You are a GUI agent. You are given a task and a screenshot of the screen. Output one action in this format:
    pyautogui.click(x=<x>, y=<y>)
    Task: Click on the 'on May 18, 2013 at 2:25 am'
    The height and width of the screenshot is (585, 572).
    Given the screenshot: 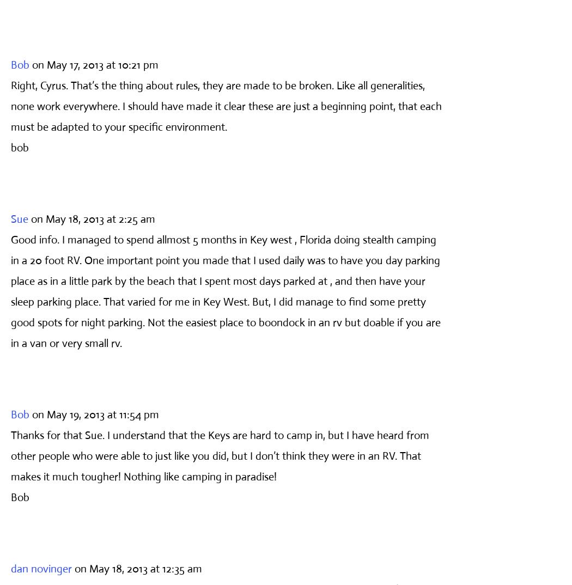 What is the action you would take?
    pyautogui.click(x=93, y=218)
    